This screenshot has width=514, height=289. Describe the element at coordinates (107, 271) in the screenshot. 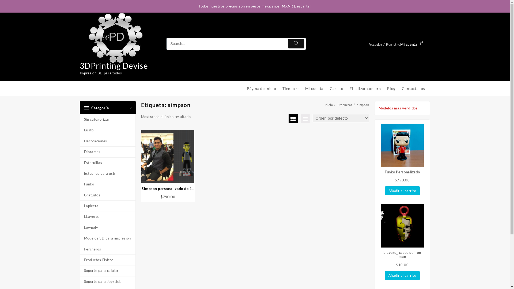

I see `'Soporte para celular'` at that location.